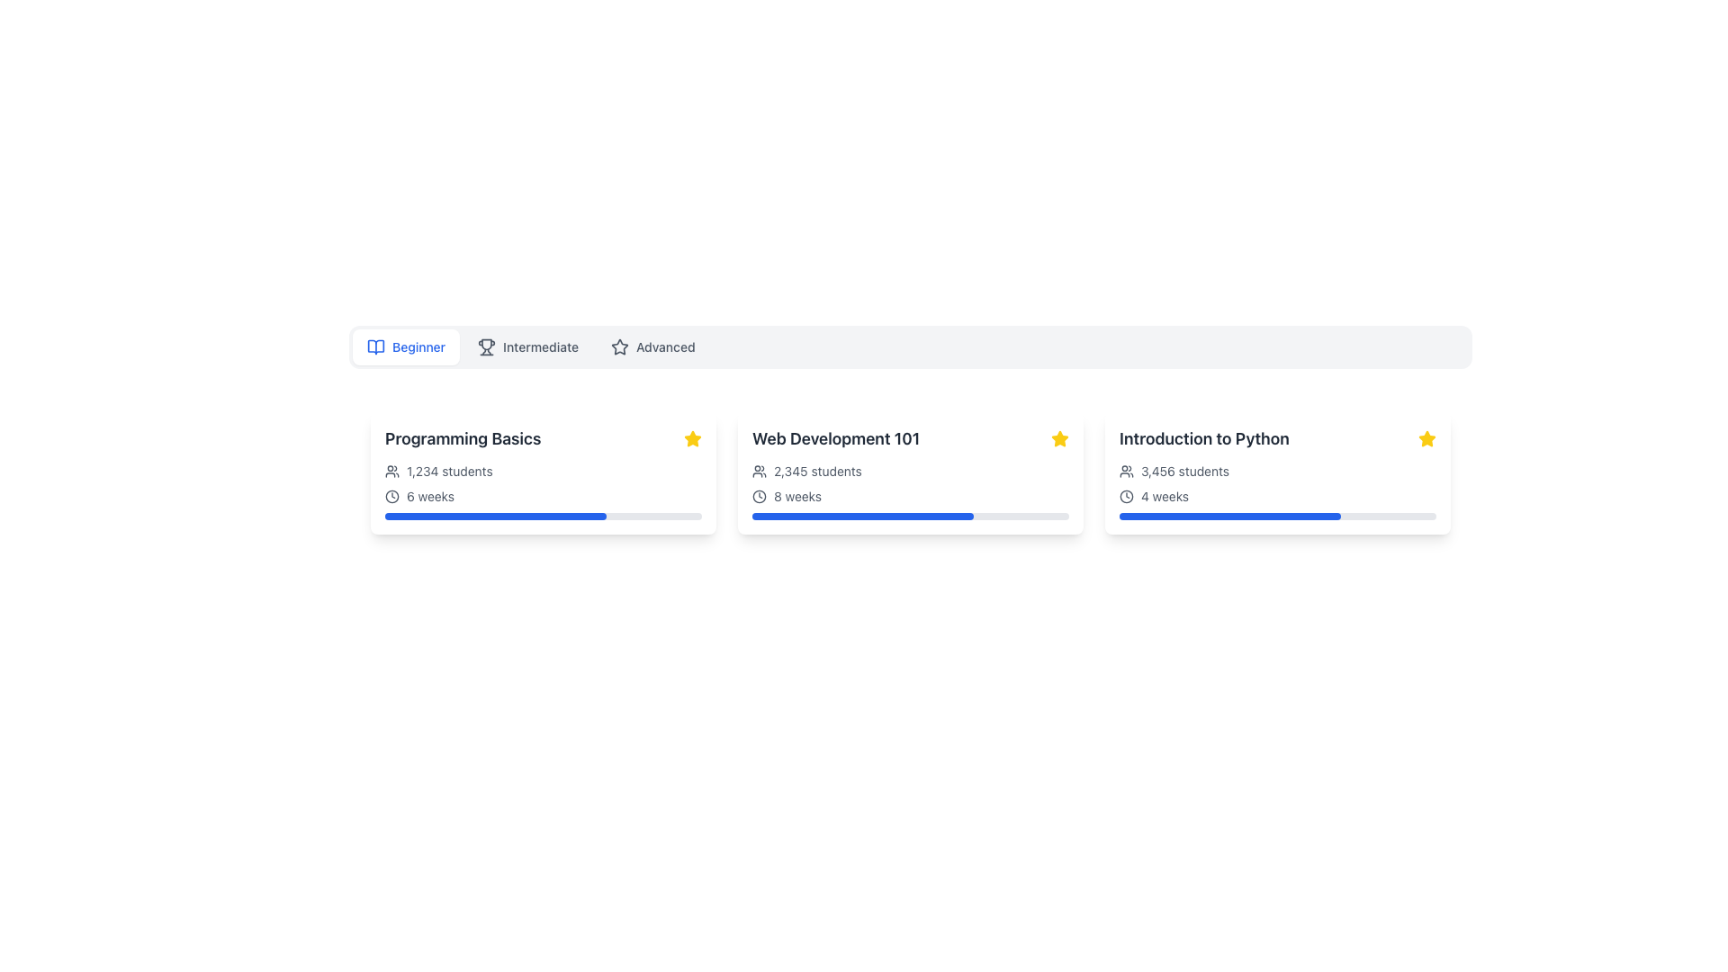 The height and width of the screenshot is (972, 1728). What do you see at coordinates (1184, 471) in the screenshot?
I see `the static text element that displays the number of students enrolled in the 'Introduction to Python' course, located below the title and next to the icon of stylized figures` at bounding box center [1184, 471].